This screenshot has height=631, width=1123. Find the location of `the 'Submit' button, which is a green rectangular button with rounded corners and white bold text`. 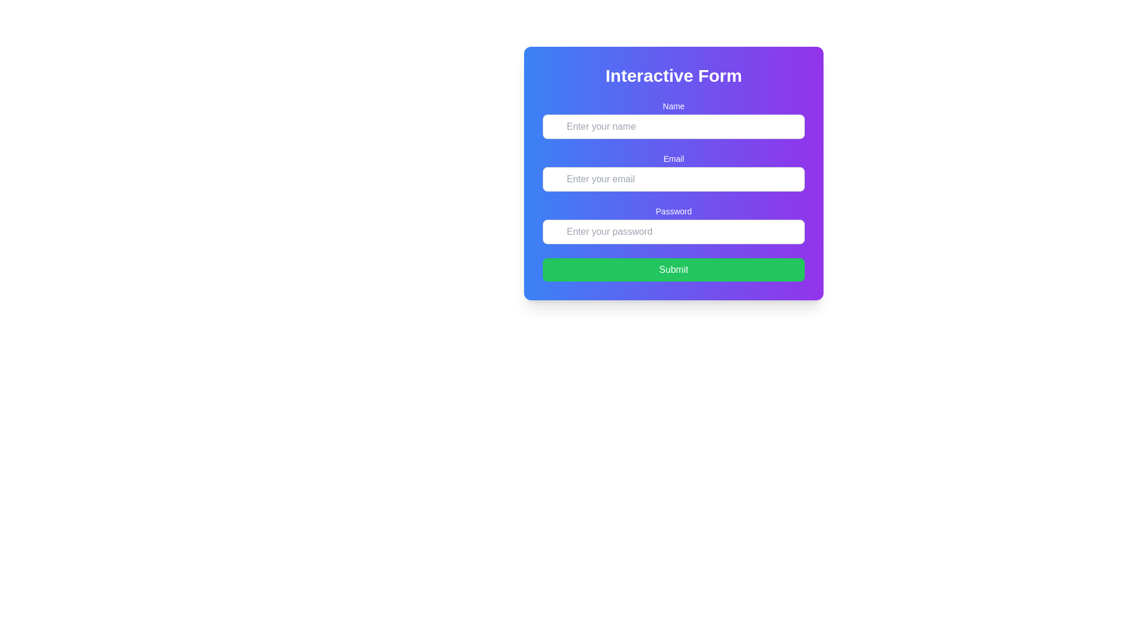

the 'Submit' button, which is a green rectangular button with rounded corners and white bold text is located at coordinates (674, 270).